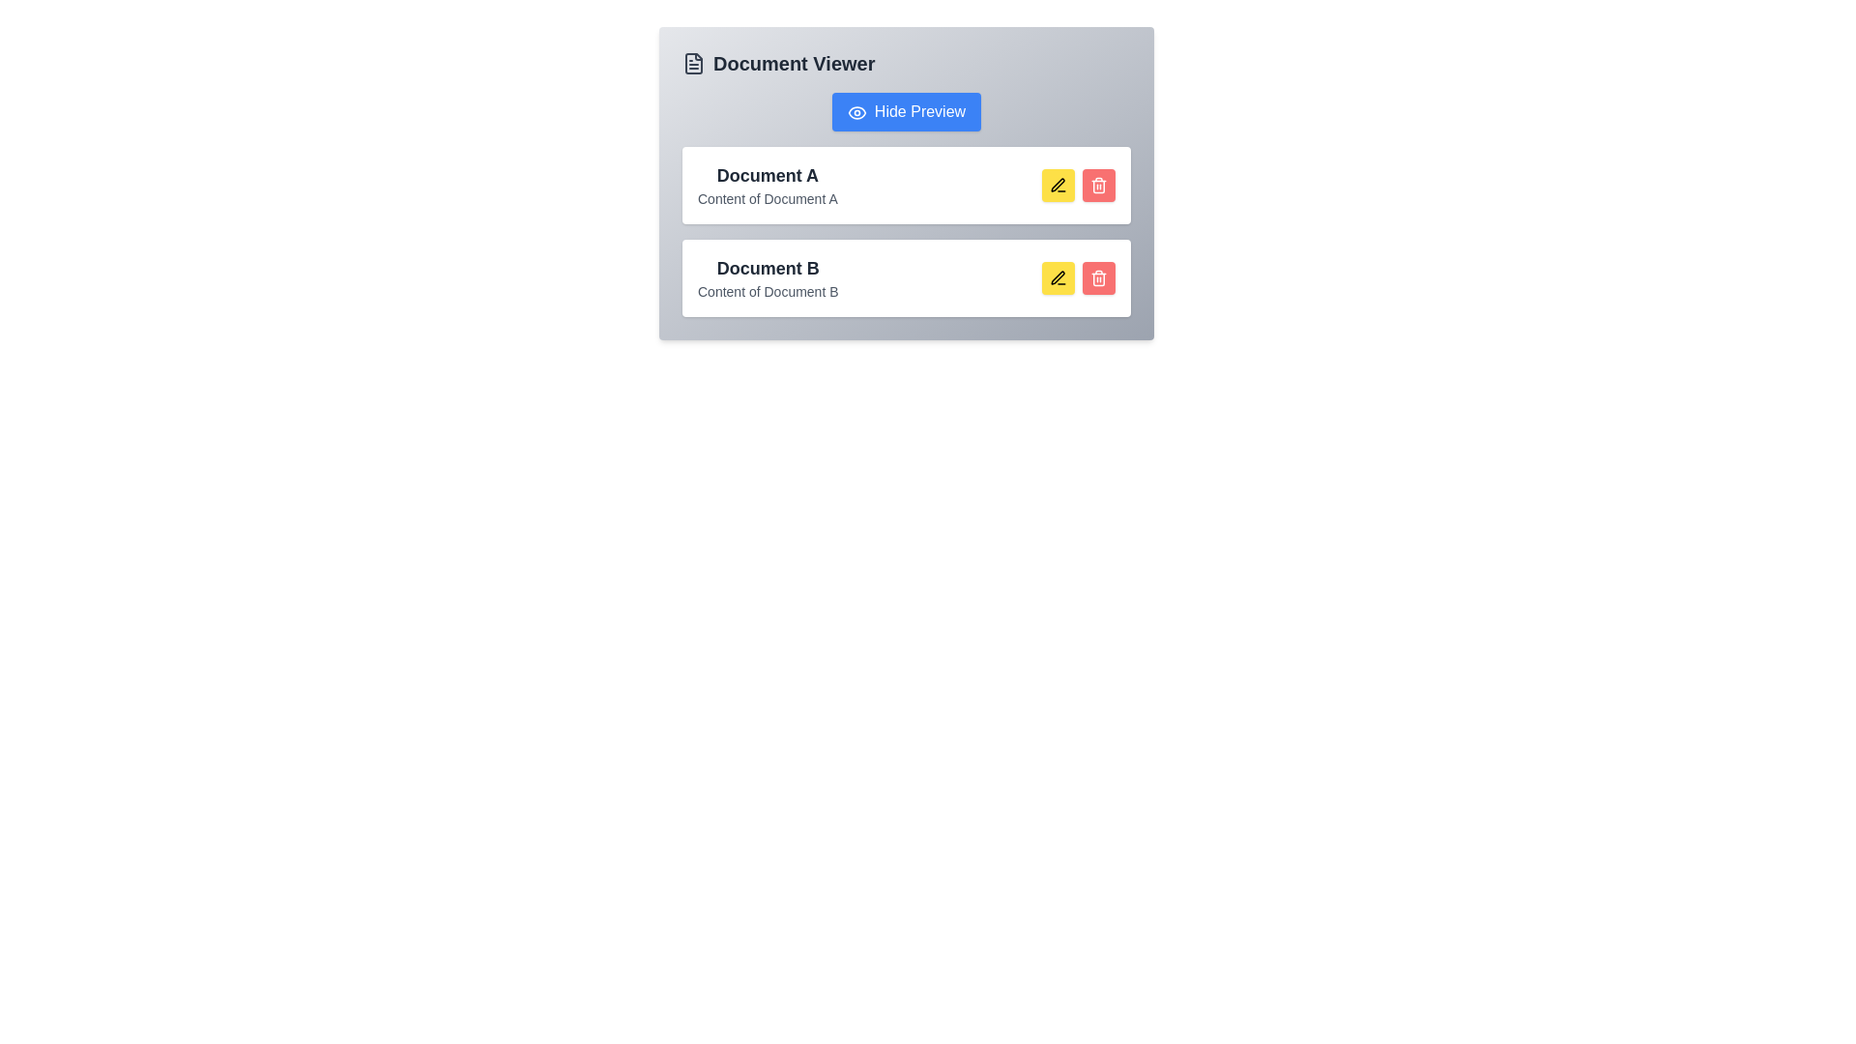 This screenshot has width=1856, height=1044. What do you see at coordinates (767, 291) in the screenshot?
I see `the text label that provides additional content information related to the 'Document B' section, positioned directly beneath the heading 'Document B' in the 'Document Viewer' section` at bounding box center [767, 291].